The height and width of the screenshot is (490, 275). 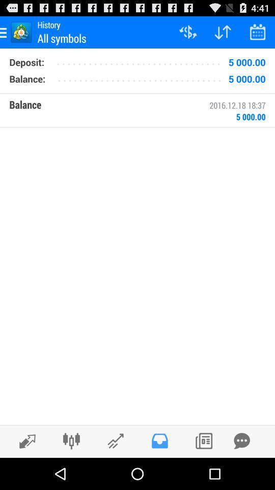 What do you see at coordinates (241, 440) in the screenshot?
I see `chat with us` at bounding box center [241, 440].